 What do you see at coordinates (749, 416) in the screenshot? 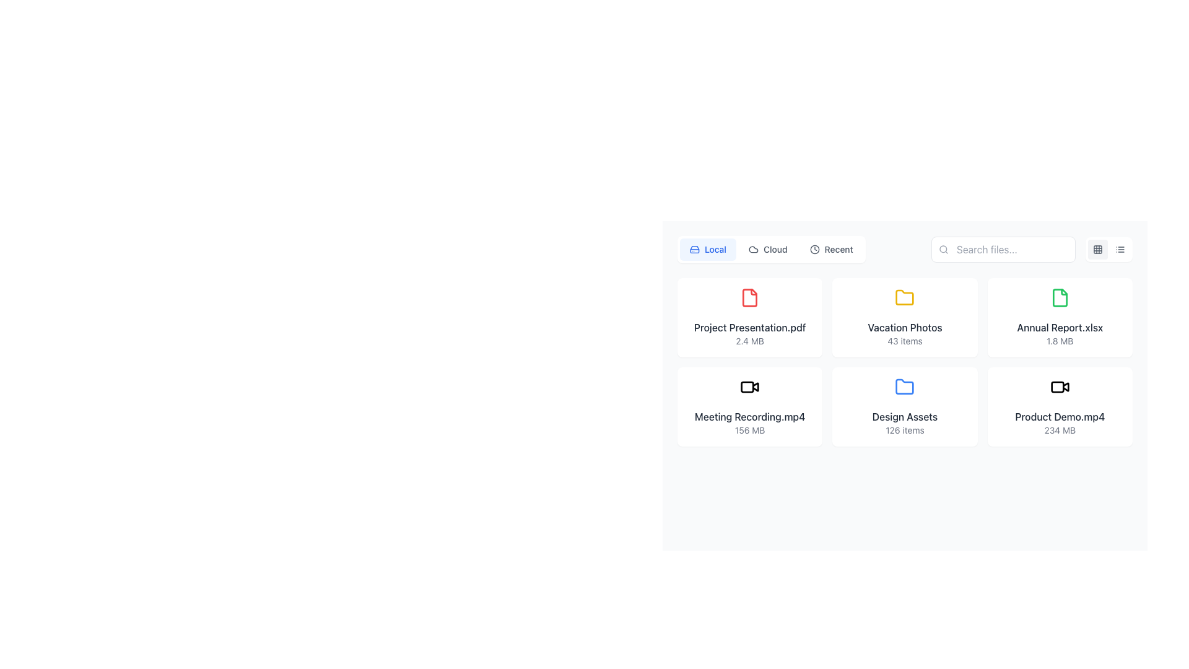
I see `the static text label displaying the title or name of the file, which is located in the second row and first column of a grid layout, positioned below the video thumbnail and above the file size text` at bounding box center [749, 416].